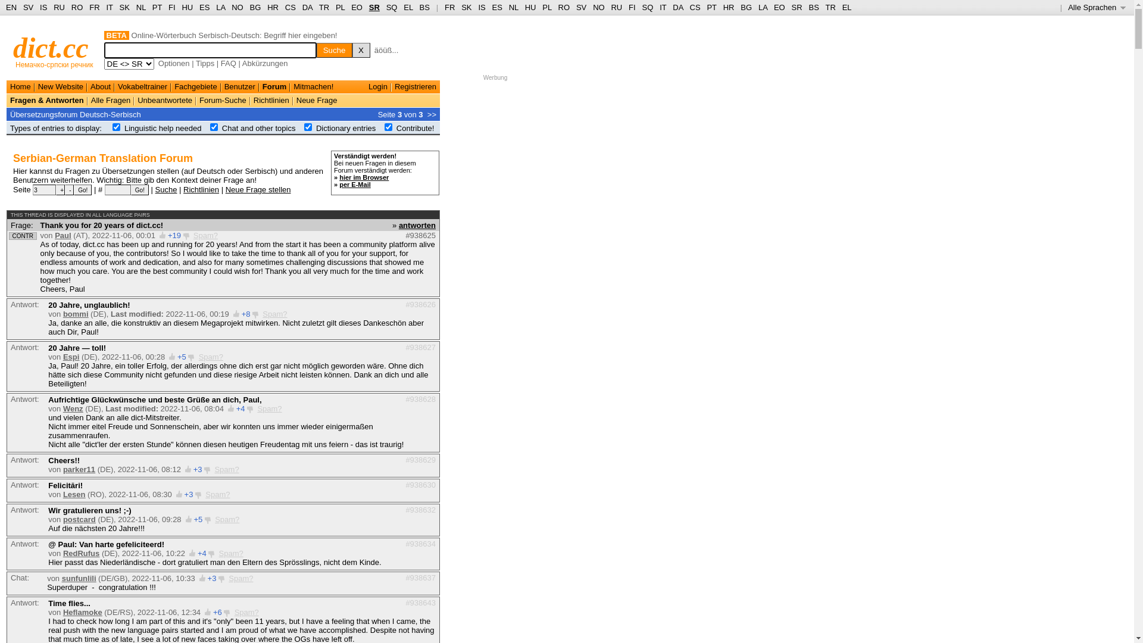  I want to click on '#938626', so click(420, 304).